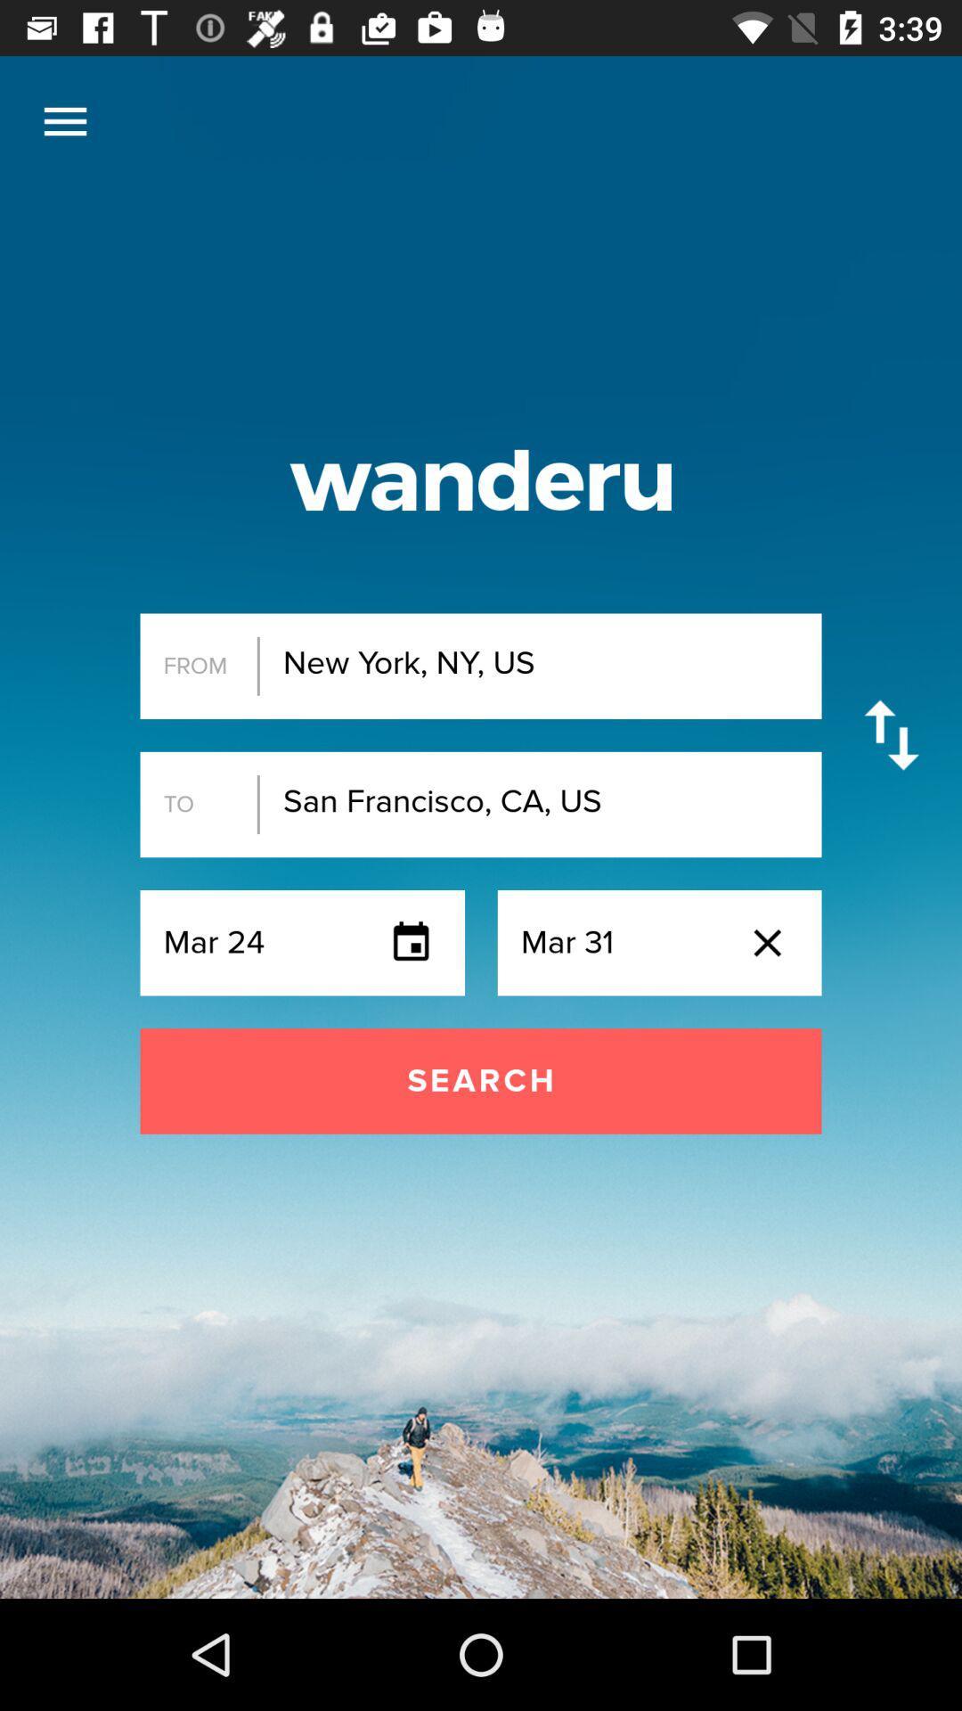  I want to click on switch order, so click(892, 735).